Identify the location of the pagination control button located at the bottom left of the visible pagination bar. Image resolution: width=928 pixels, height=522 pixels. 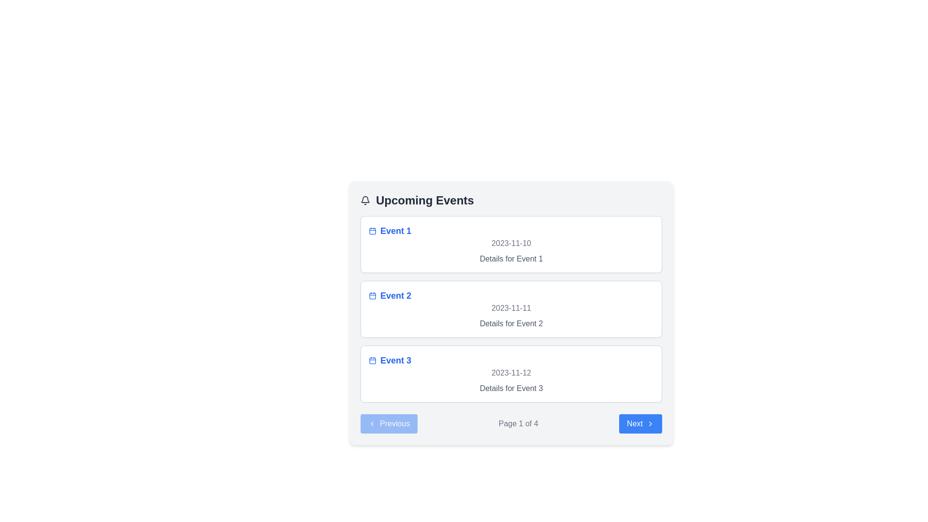
(389, 423).